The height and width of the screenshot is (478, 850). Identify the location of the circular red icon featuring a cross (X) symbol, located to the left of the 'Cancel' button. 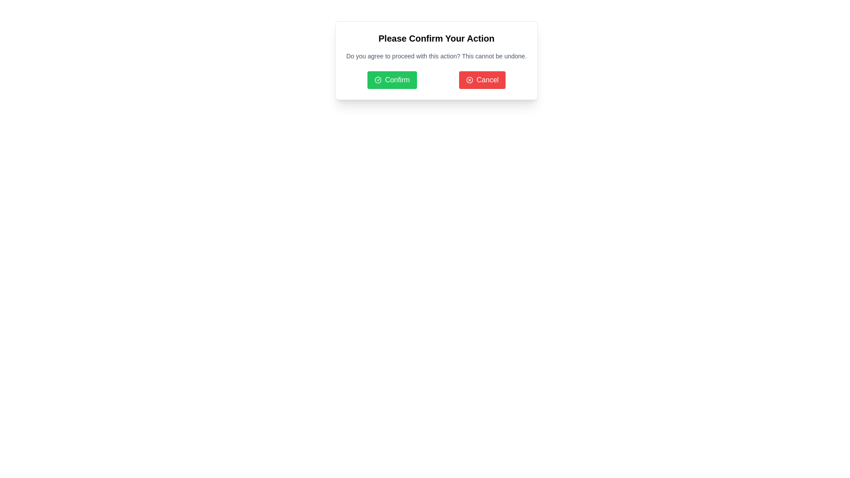
(469, 80).